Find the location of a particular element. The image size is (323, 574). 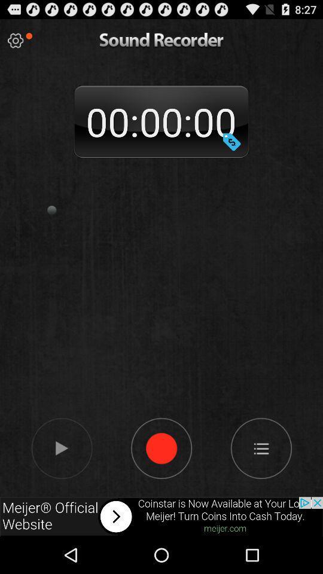

the settings icon is located at coordinates (15, 44).